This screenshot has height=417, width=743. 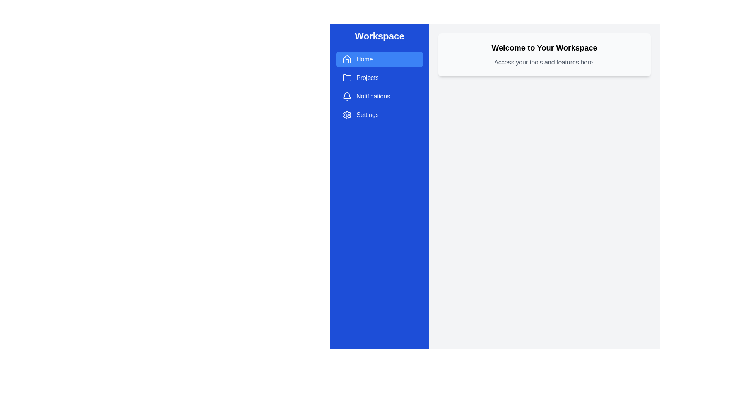 I want to click on welcome message displayed in the text block located in the upper part of the central content area, slightly right of the blue sidebar navigation menu, so click(x=544, y=54).